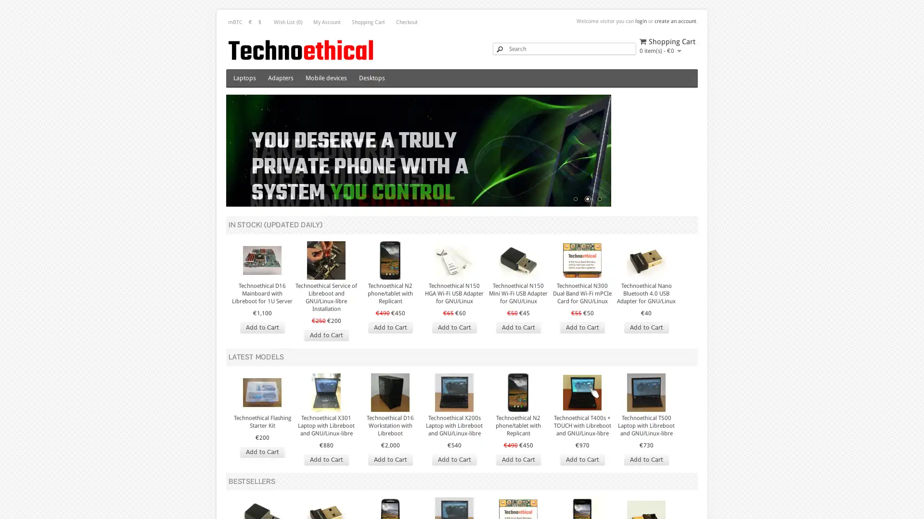  Describe the element at coordinates (326, 367) in the screenshot. I see `Add to Cart` at that location.